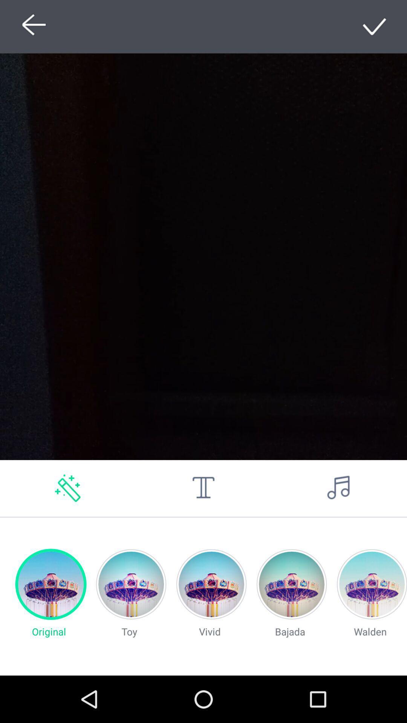 The height and width of the screenshot is (723, 407). I want to click on select option, so click(375, 26).